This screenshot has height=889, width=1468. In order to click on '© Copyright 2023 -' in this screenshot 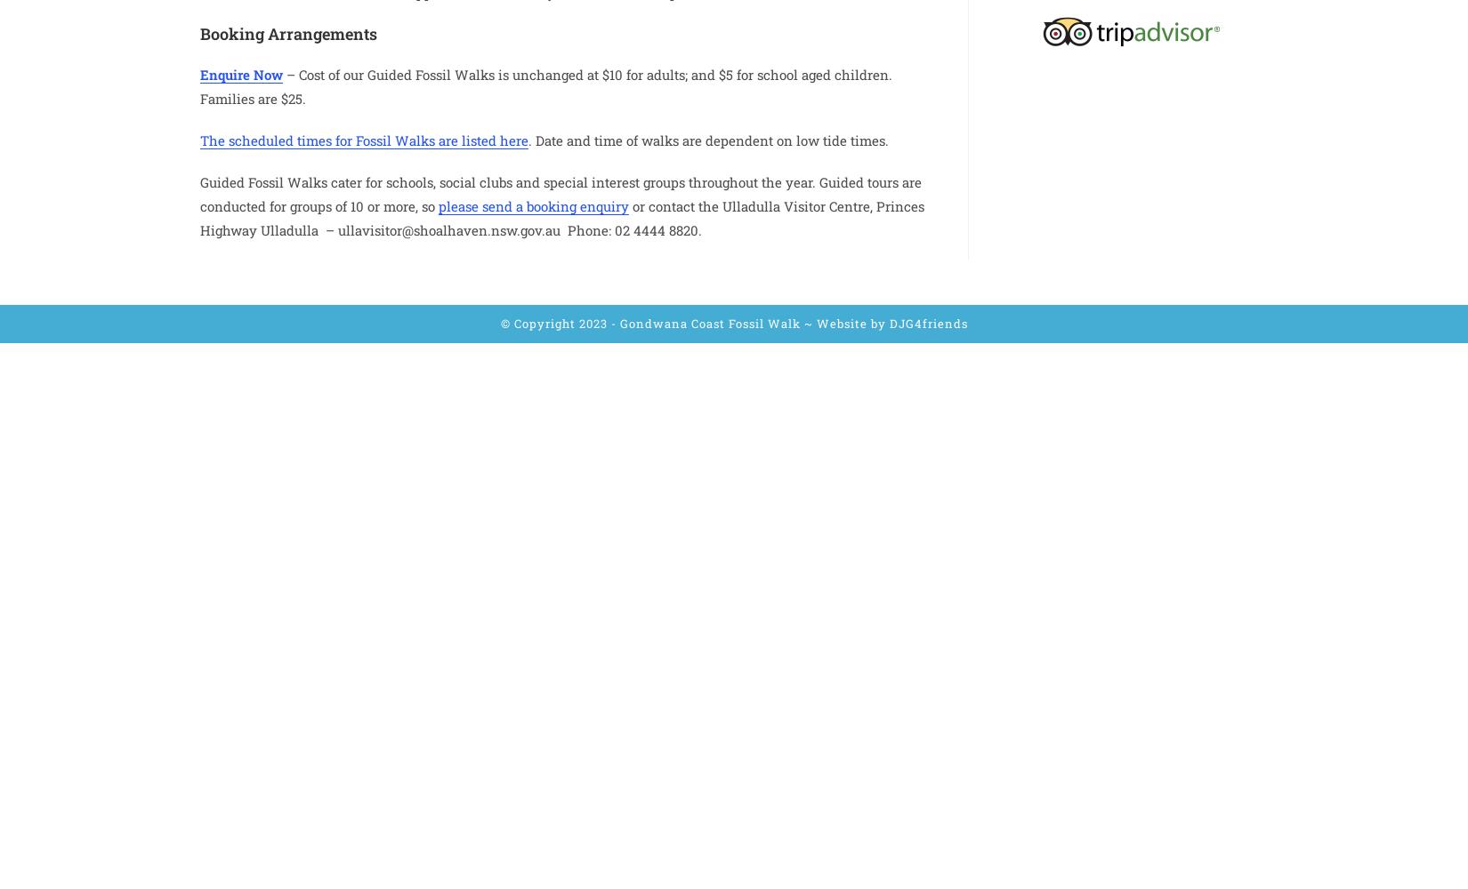, I will do `click(558, 322)`.